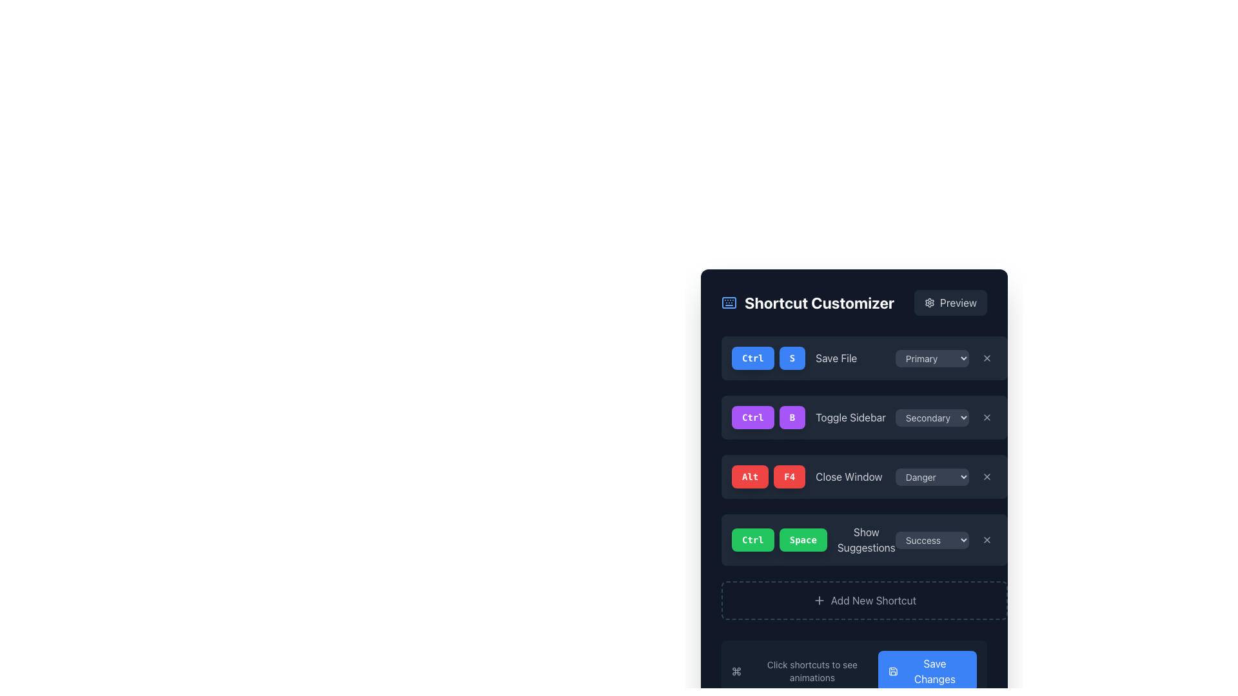 The width and height of the screenshot is (1238, 696). I want to click on the close button on the Shortcut configuration UI block for 'Toggle Sidebar', so click(864, 418).